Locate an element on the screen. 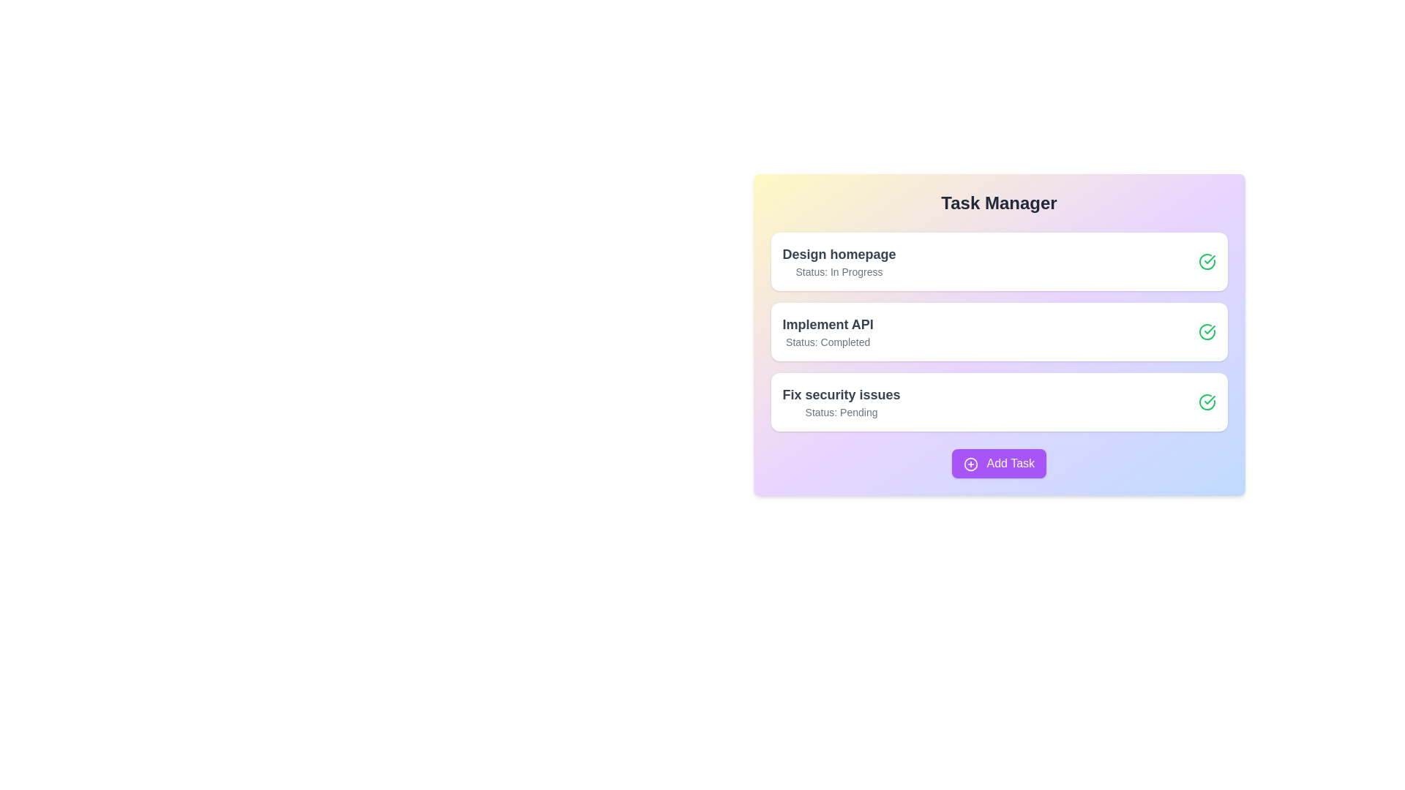 This screenshot has height=790, width=1405. the status icon of the task 'Design homepage' is located at coordinates (1207, 261).